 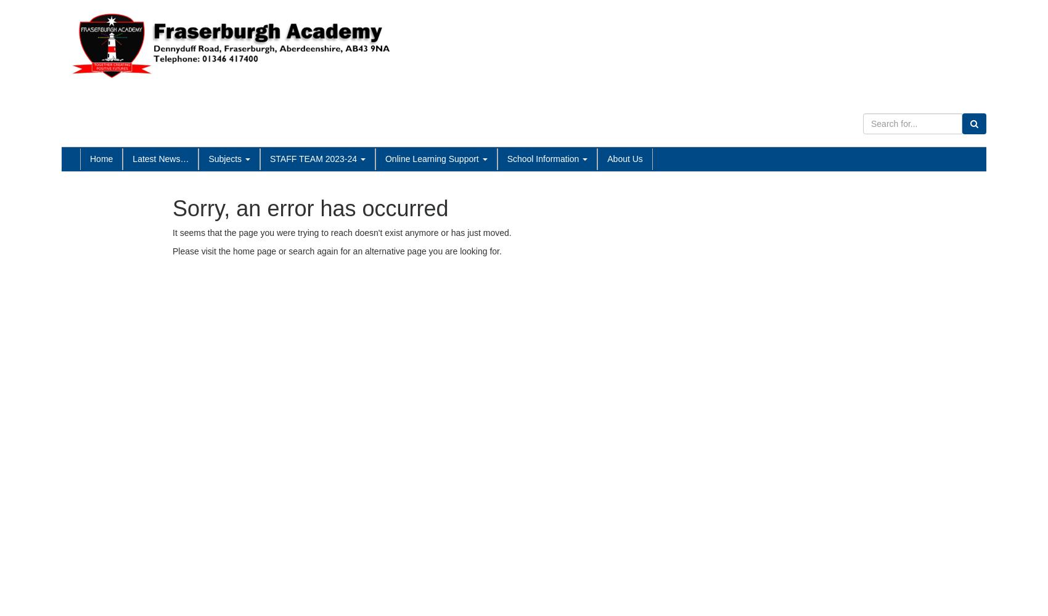 What do you see at coordinates (336, 251) in the screenshot?
I see `'Please visit the home page or search again for an alternative page you are looking for.'` at bounding box center [336, 251].